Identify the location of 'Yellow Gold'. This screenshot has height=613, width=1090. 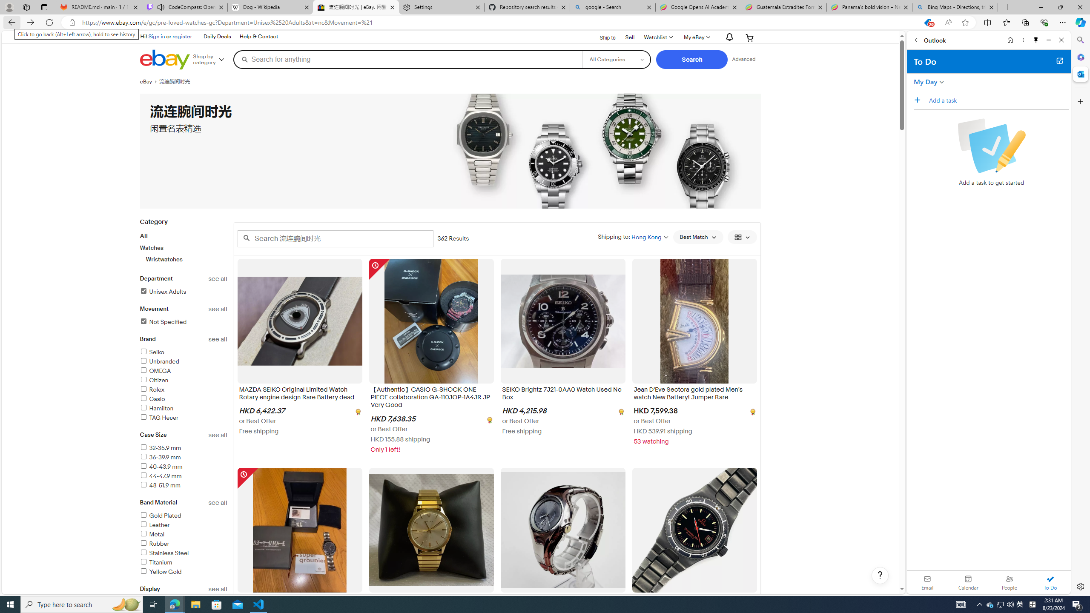
(160, 572).